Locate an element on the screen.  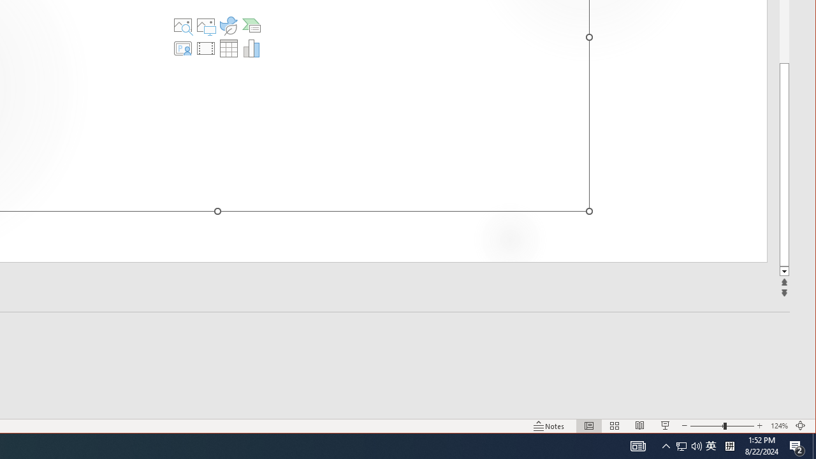
'Zoom 124%' is located at coordinates (778, 426).